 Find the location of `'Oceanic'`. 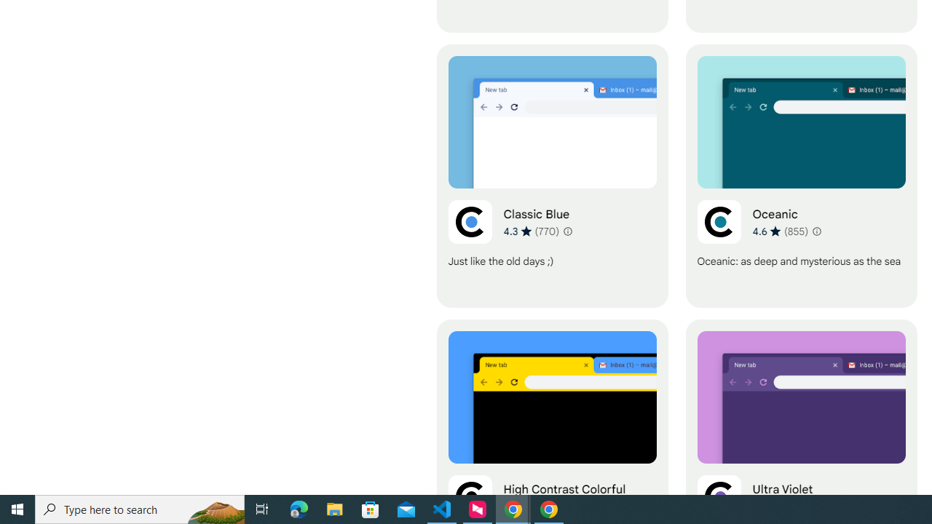

'Oceanic' is located at coordinates (800, 175).